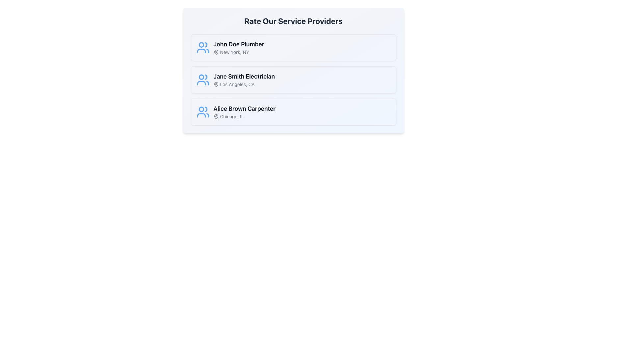 This screenshot has height=355, width=632. What do you see at coordinates (202, 47) in the screenshot?
I see `the user icon depicting two blue-colored users, which is positioned to the left of the name and location details of 'John Doe Plumber' in the 'Rate Our Service Providers' list` at bounding box center [202, 47].